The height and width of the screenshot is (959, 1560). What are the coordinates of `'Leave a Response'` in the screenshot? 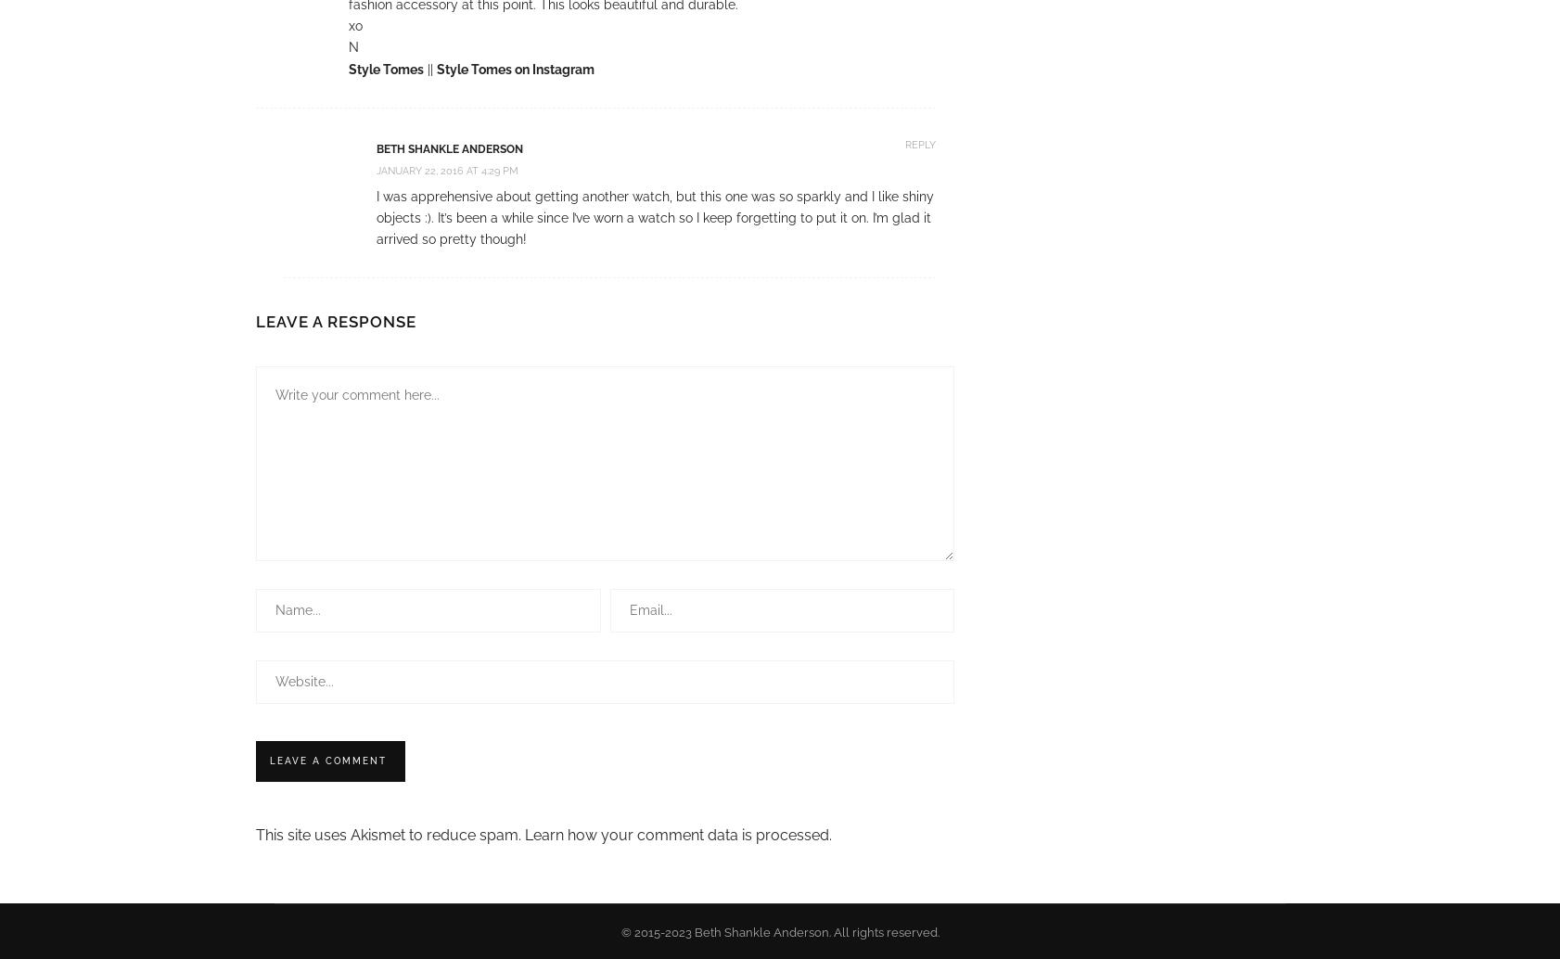 It's located at (335, 319).